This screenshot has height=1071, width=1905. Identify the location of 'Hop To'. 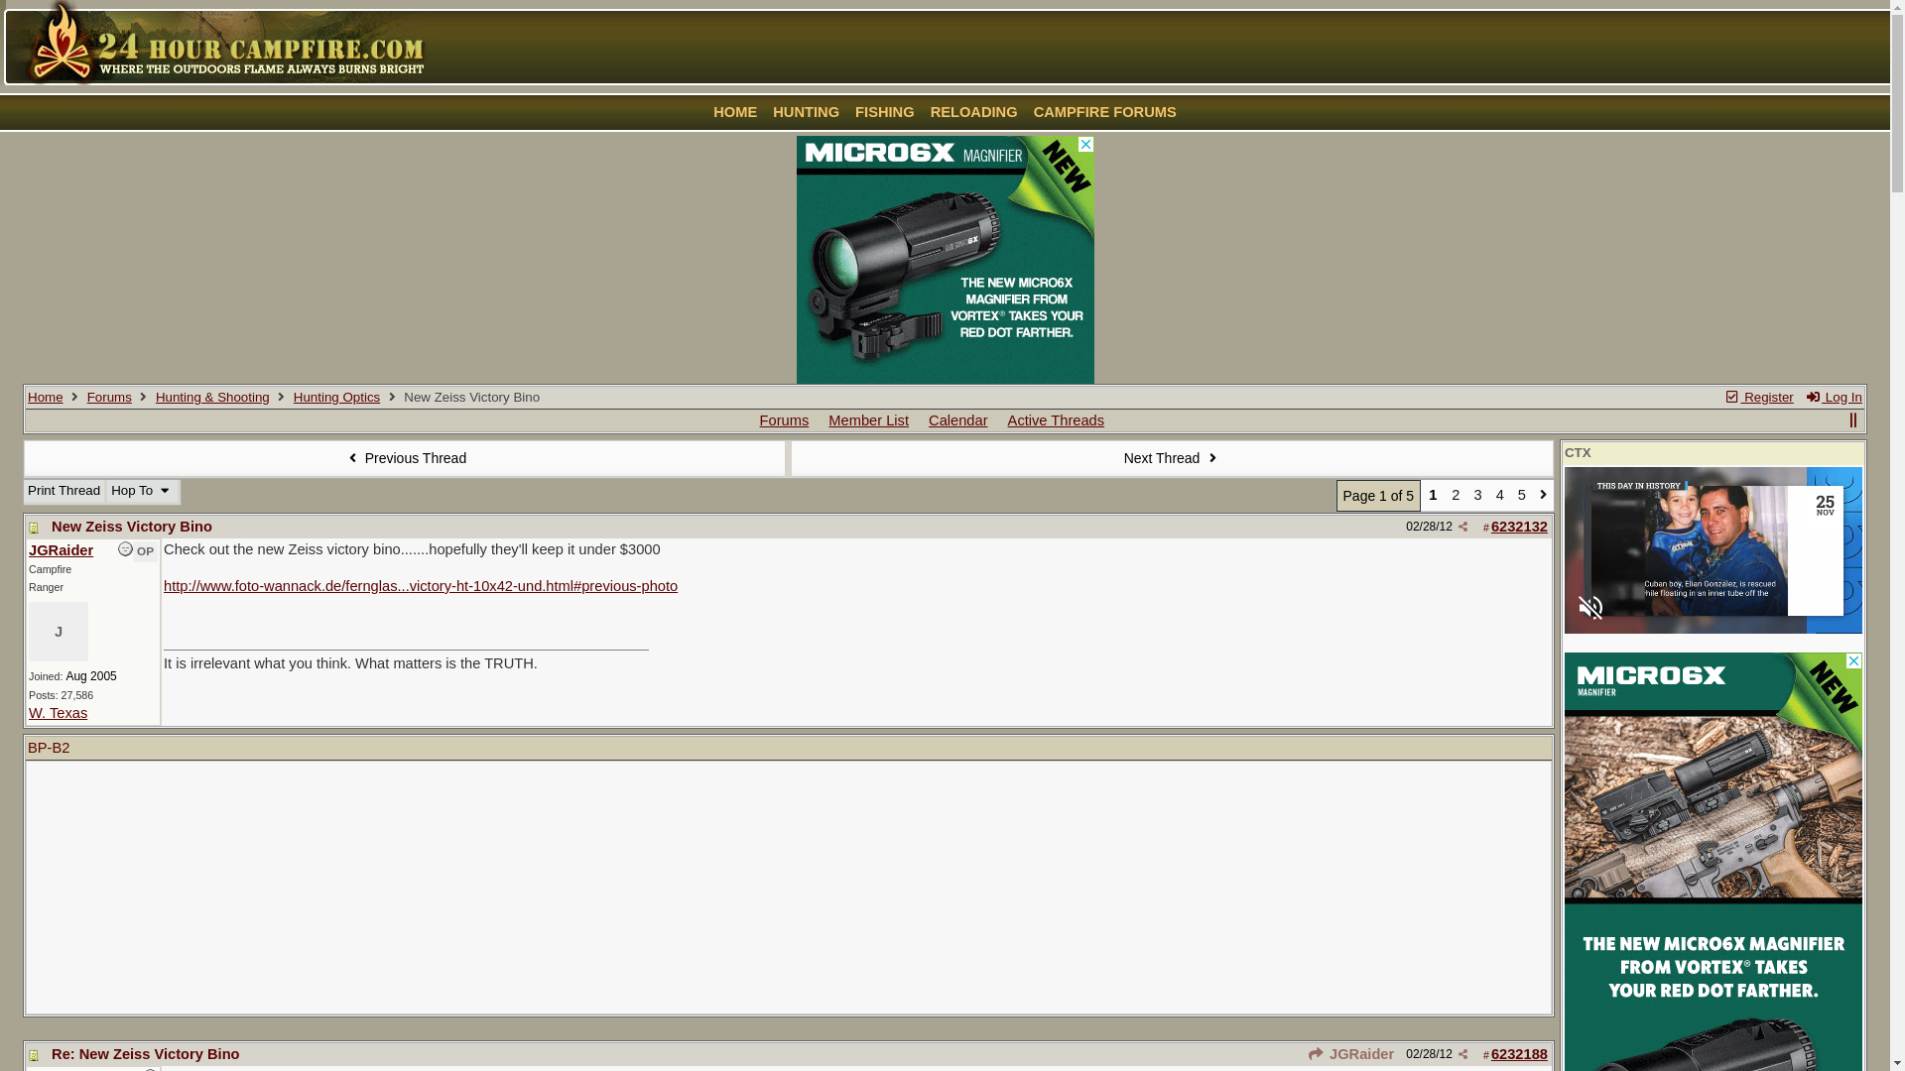
(141, 490).